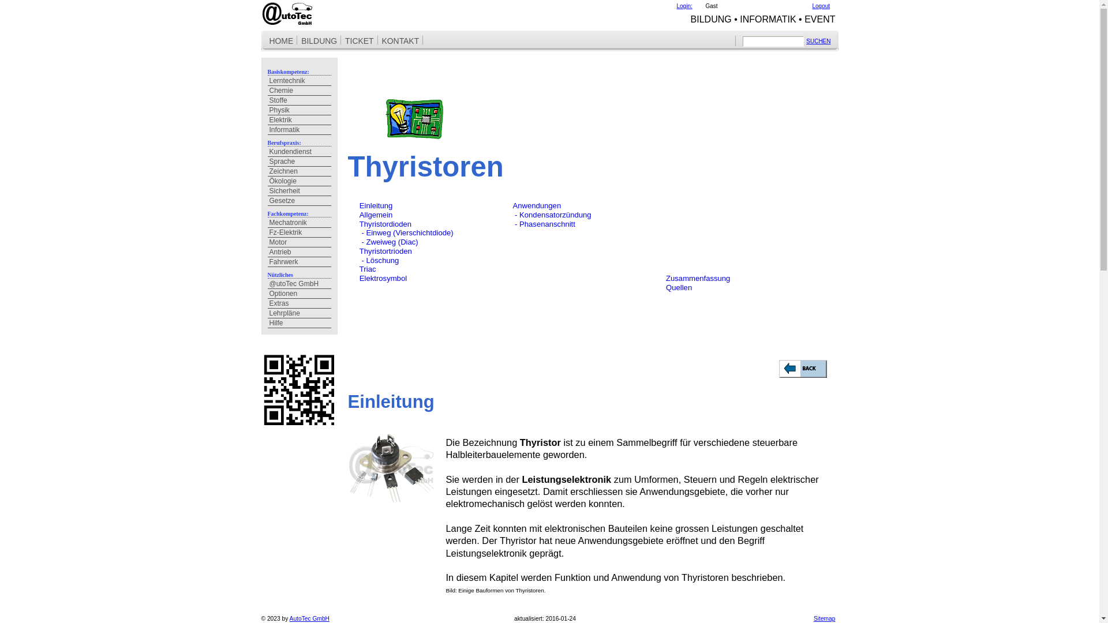  I want to click on 'Logout', so click(811, 6).